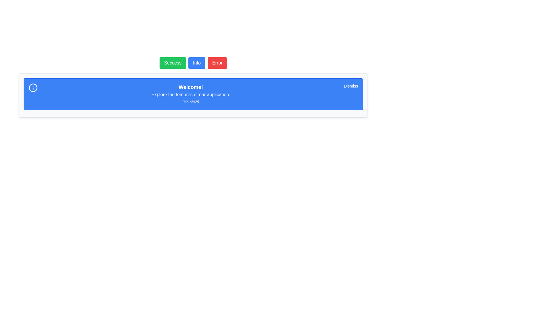 Image resolution: width=553 pixels, height=311 pixels. What do you see at coordinates (351, 86) in the screenshot?
I see `the 'Dismiss' button located in the top-right corner of the notification bar` at bounding box center [351, 86].